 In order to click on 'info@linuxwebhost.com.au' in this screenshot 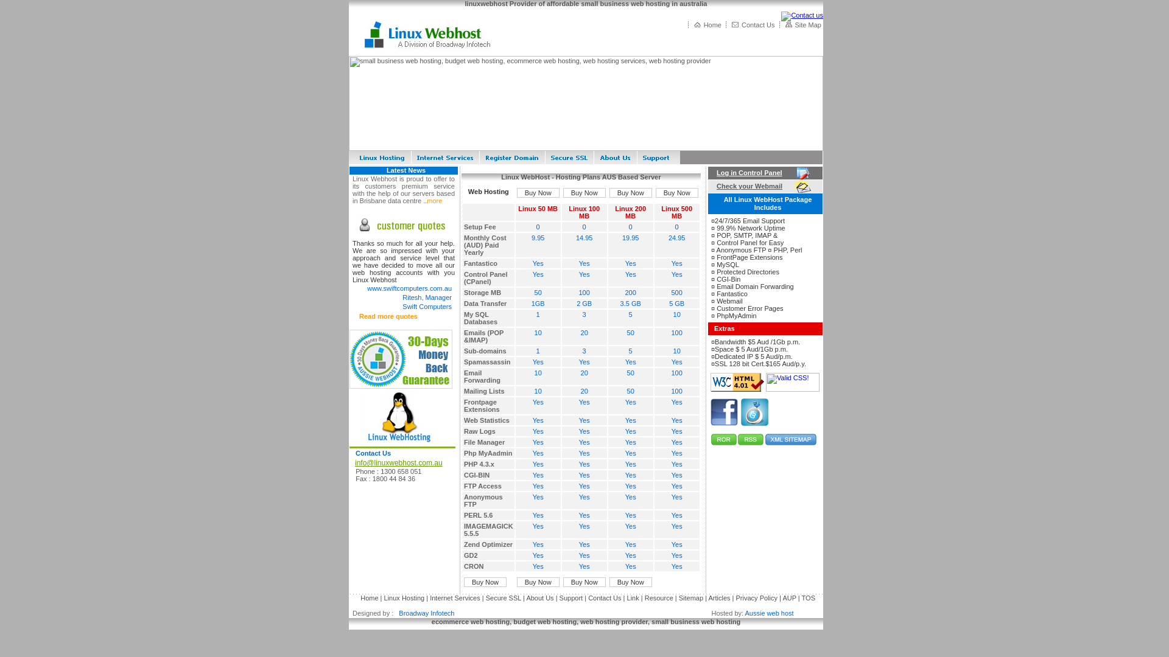, I will do `click(349, 462)`.